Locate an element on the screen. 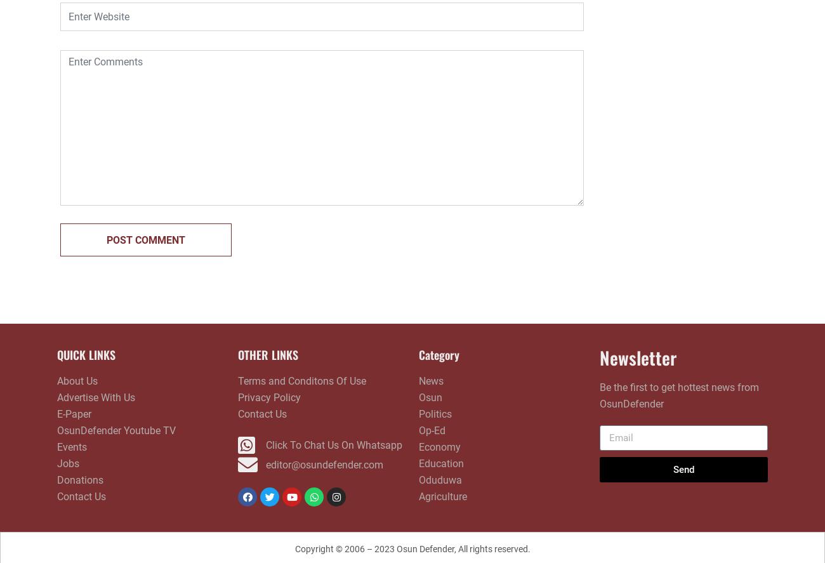 This screenshot has width=825, height=563. 'Events' is located at coordinates (71, 447).